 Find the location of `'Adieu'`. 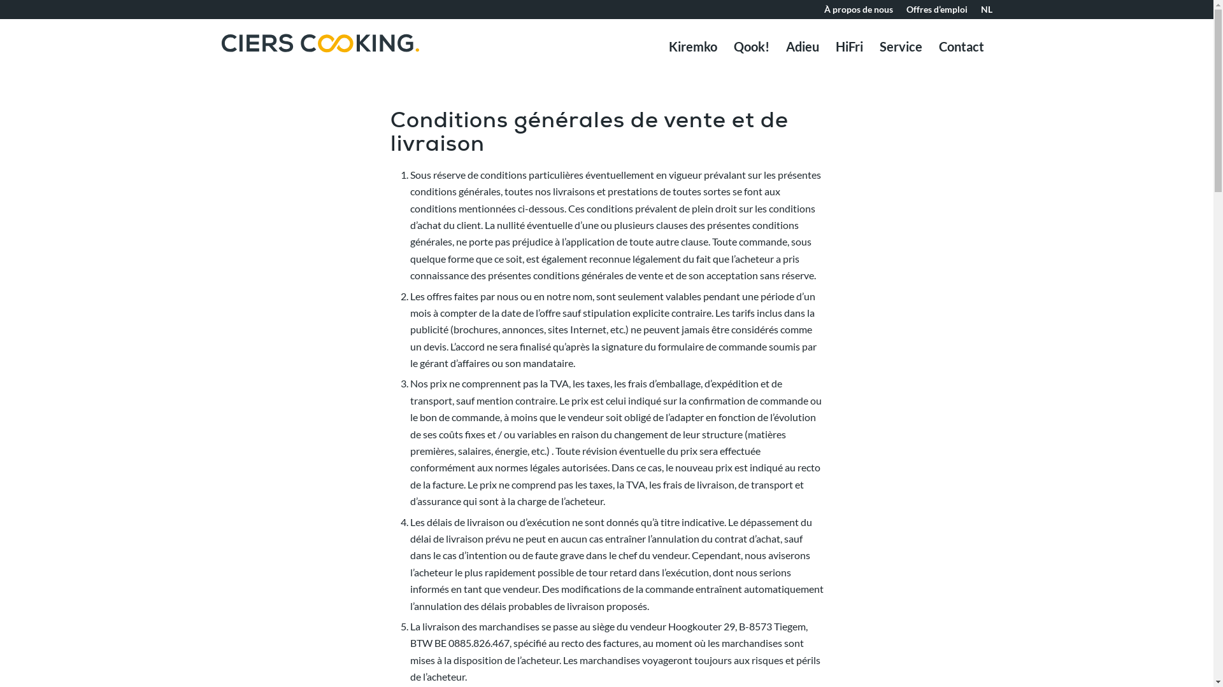

'Adieu' is located at coordinates (776, 46).